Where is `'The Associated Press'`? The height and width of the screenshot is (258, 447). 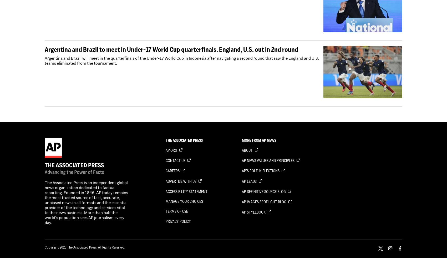
'The Associated Press' is located at coordinates (184, 140).